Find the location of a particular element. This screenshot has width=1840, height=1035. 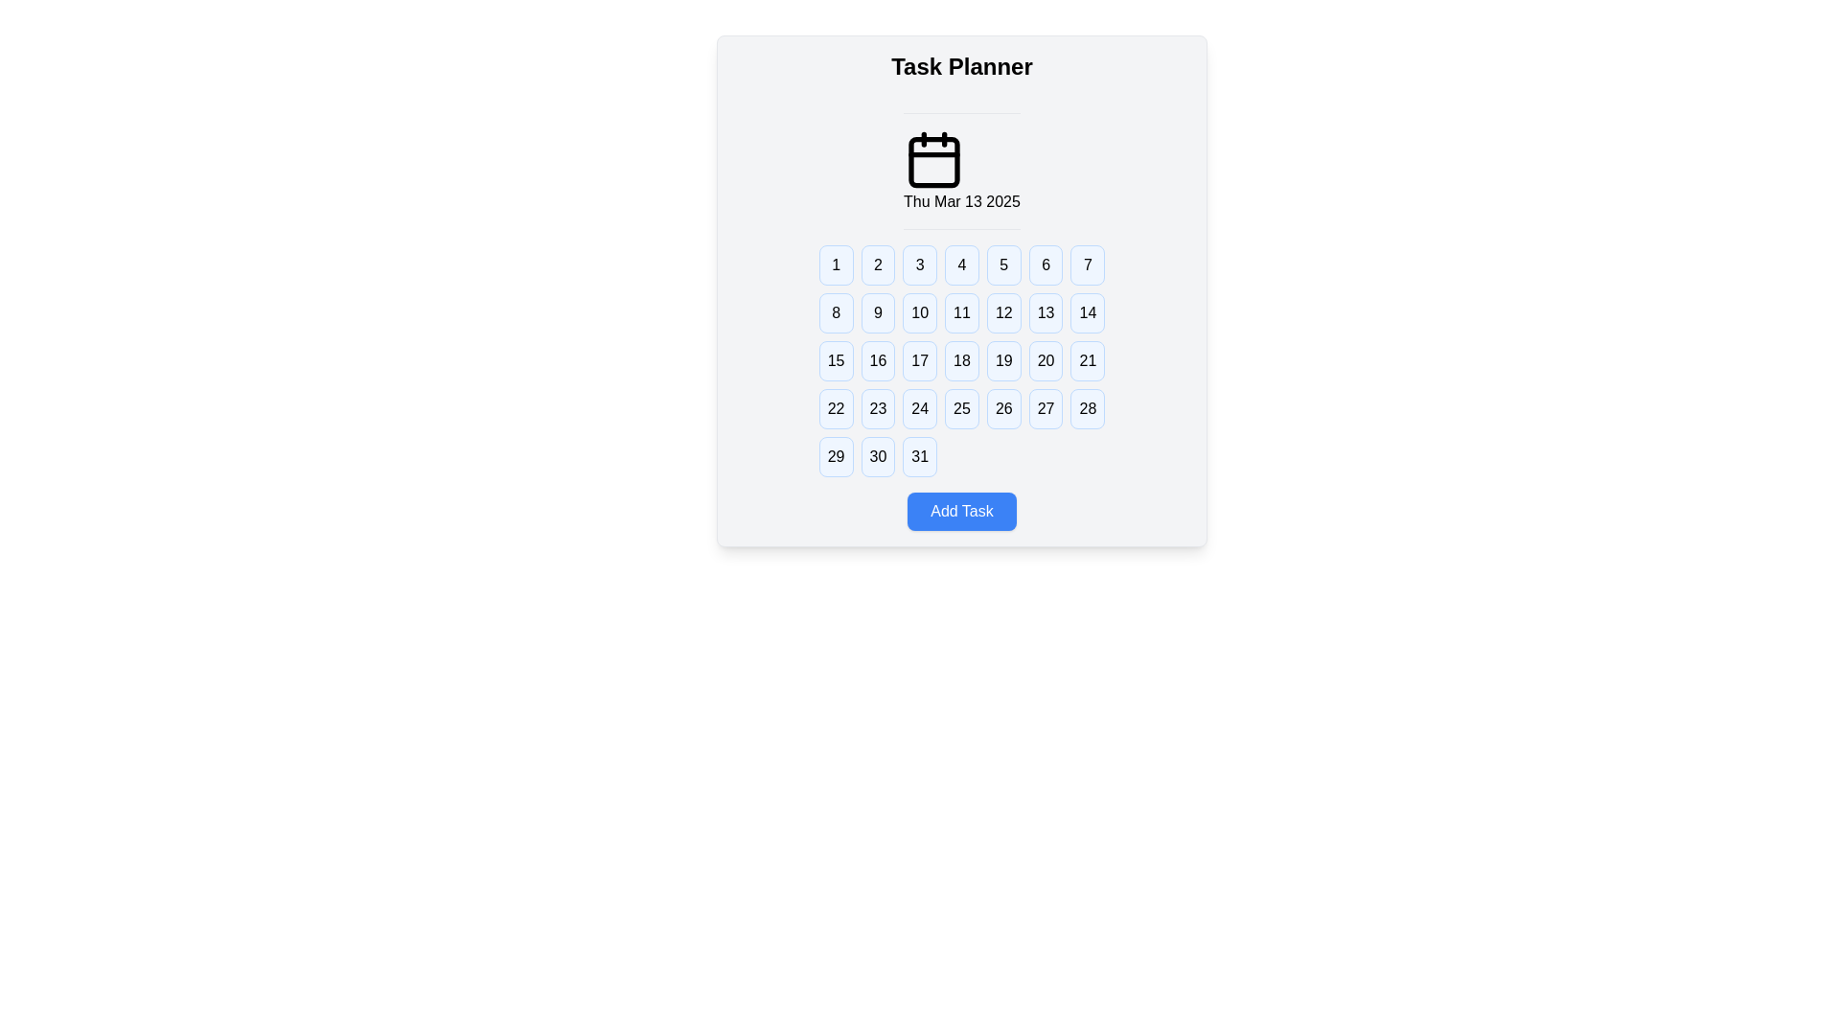

the selectable calendar day cell displaying '10' in the main calendar section for extended selection options is located at coordinates (920, 312).